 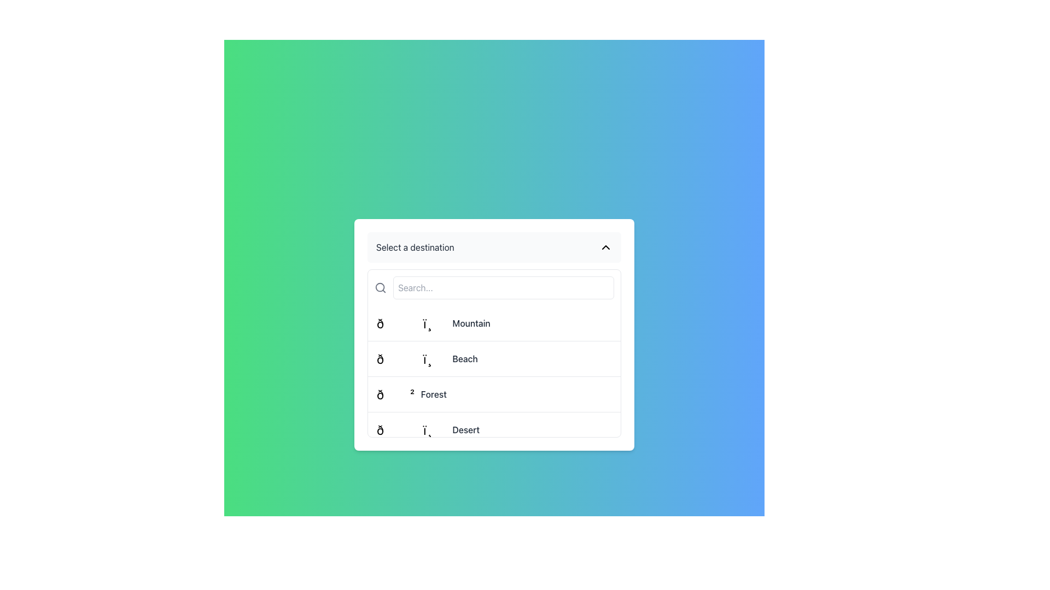 I want to click on the medium-sized emoji-like symbol representing the 'Beach' destination, which is the first item on the left in the list, so click(x=411, y=358).